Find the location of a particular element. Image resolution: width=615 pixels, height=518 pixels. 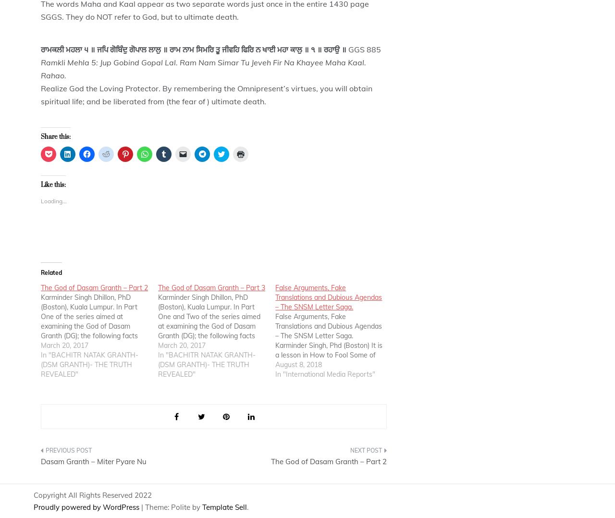

'Loading...' is located at coordinates (53, 200).